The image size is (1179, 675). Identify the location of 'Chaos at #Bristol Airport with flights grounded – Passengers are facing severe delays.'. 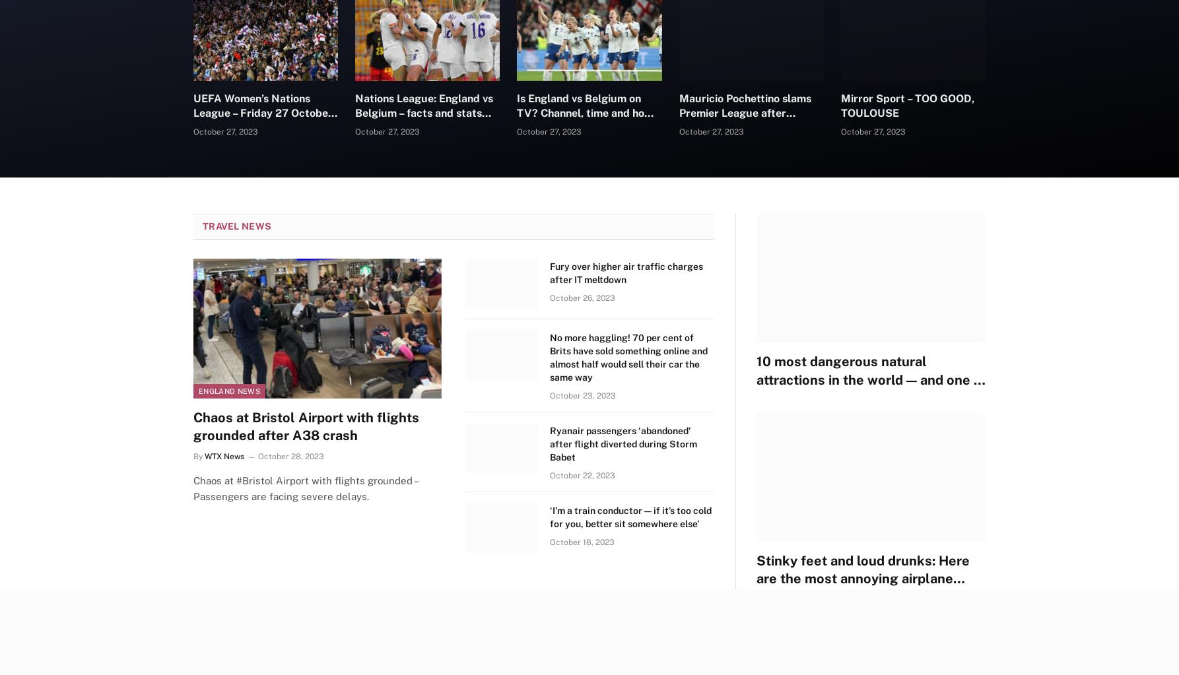
(304, 488).